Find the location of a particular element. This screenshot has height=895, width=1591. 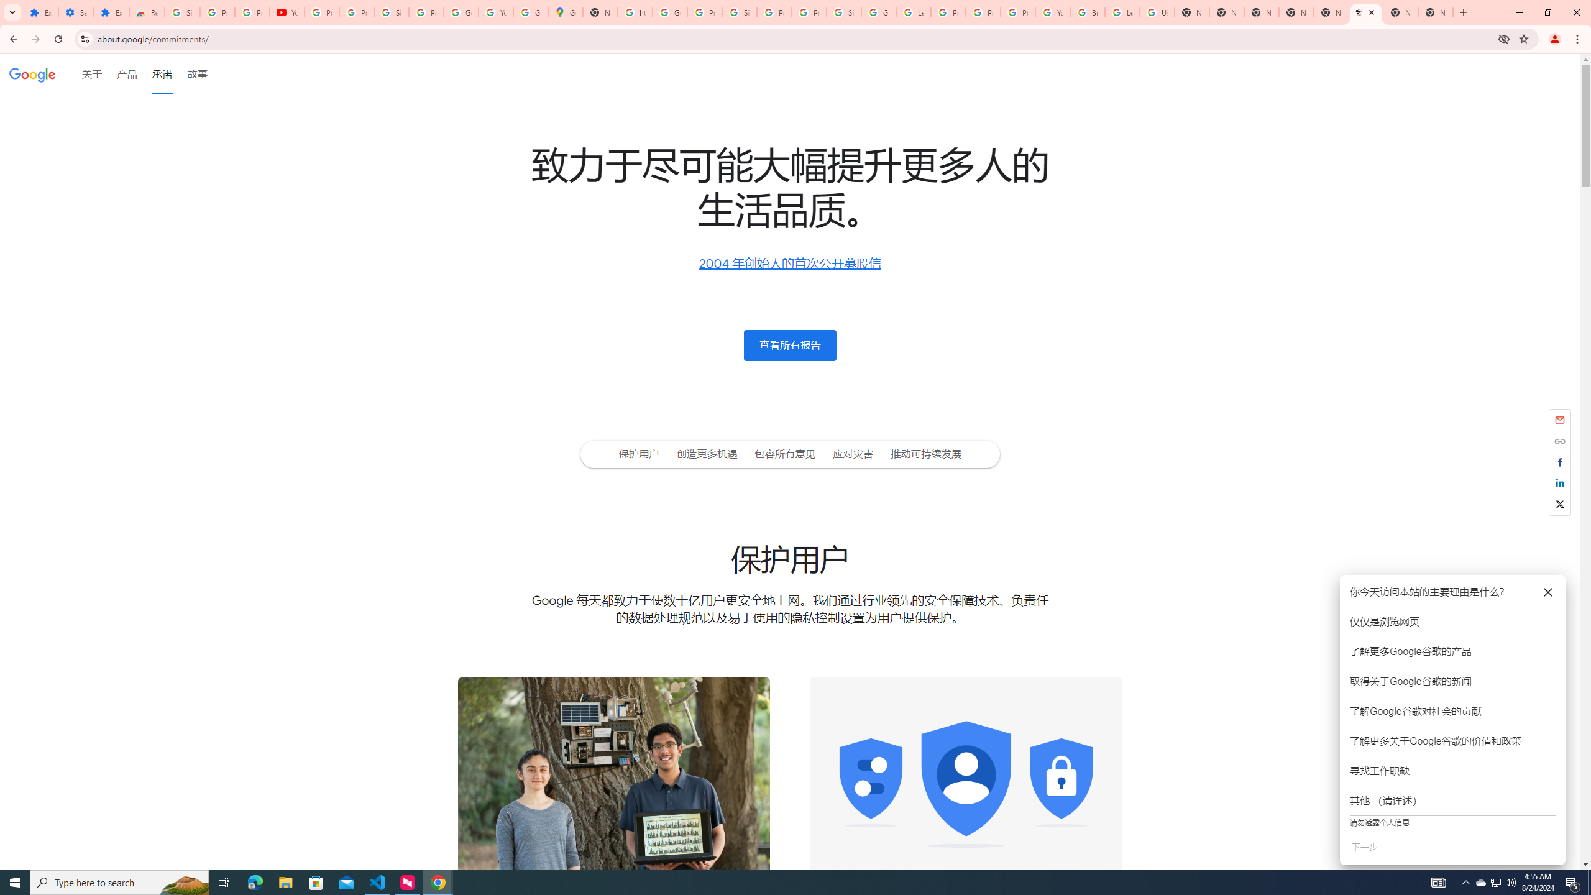

'YouTube' is located at coordinates (1052, 12).